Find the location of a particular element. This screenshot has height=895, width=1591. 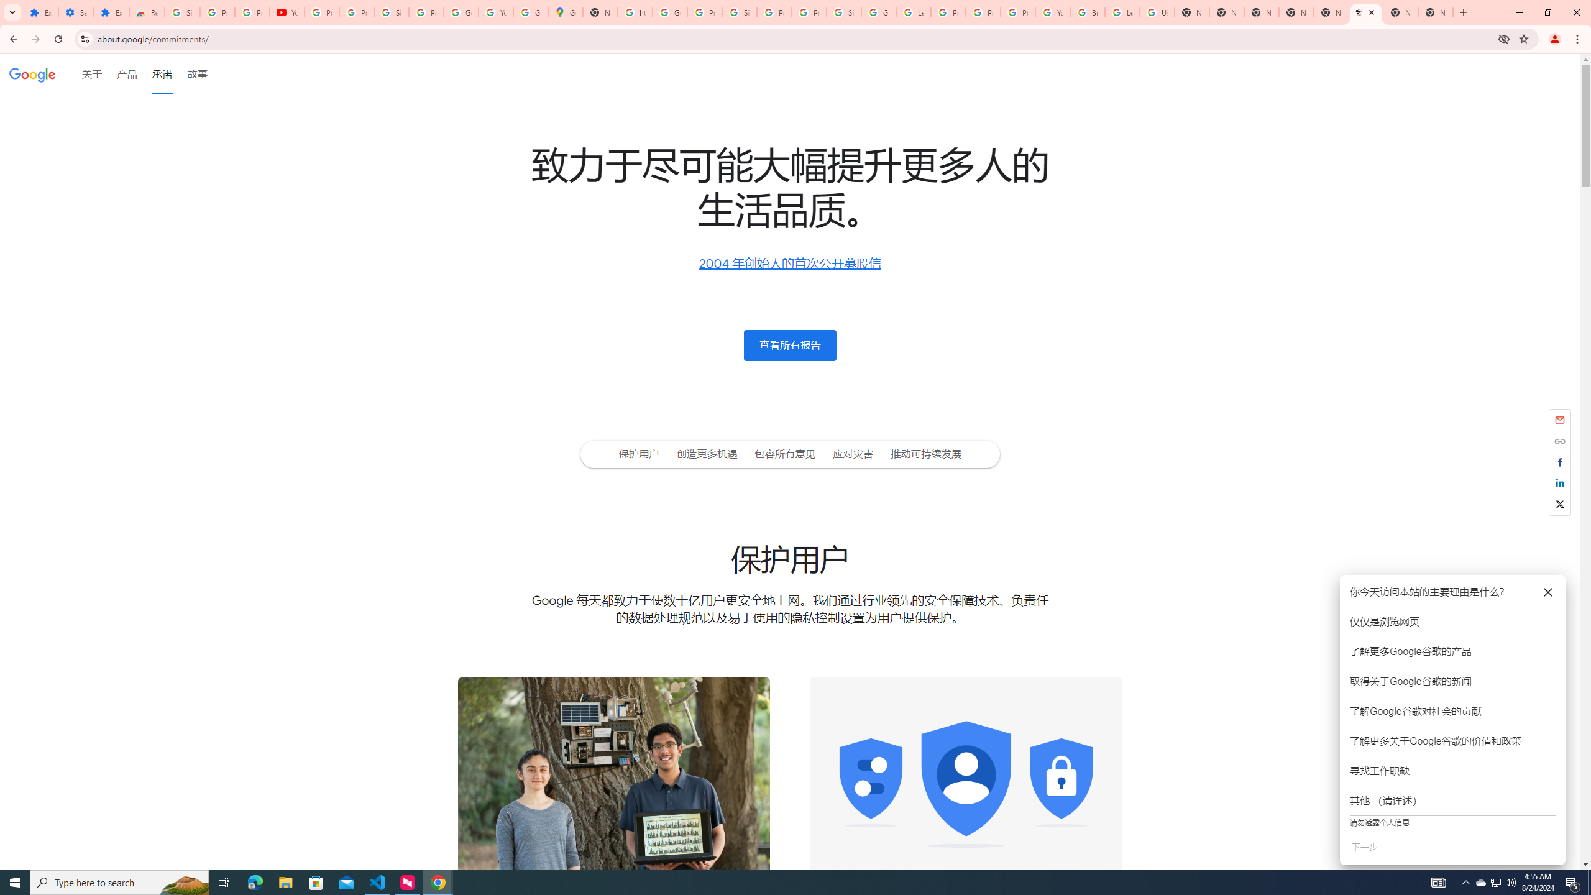

'YouTube' is located at coordinates (1052, 12).